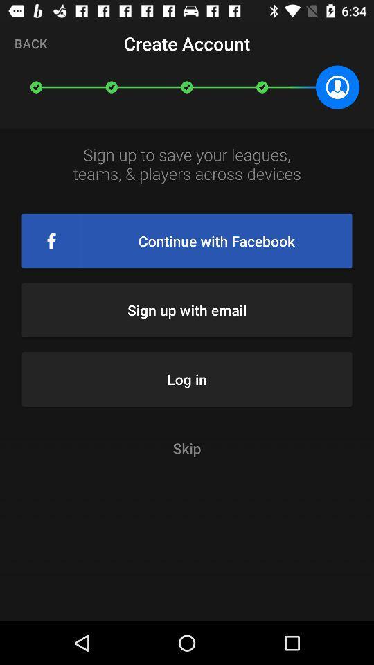 The image size is (374, 665). What do you see at coordinates (187, 447) in the screenshot?
I see `icon below log in item` at bounding box center [187, 447].